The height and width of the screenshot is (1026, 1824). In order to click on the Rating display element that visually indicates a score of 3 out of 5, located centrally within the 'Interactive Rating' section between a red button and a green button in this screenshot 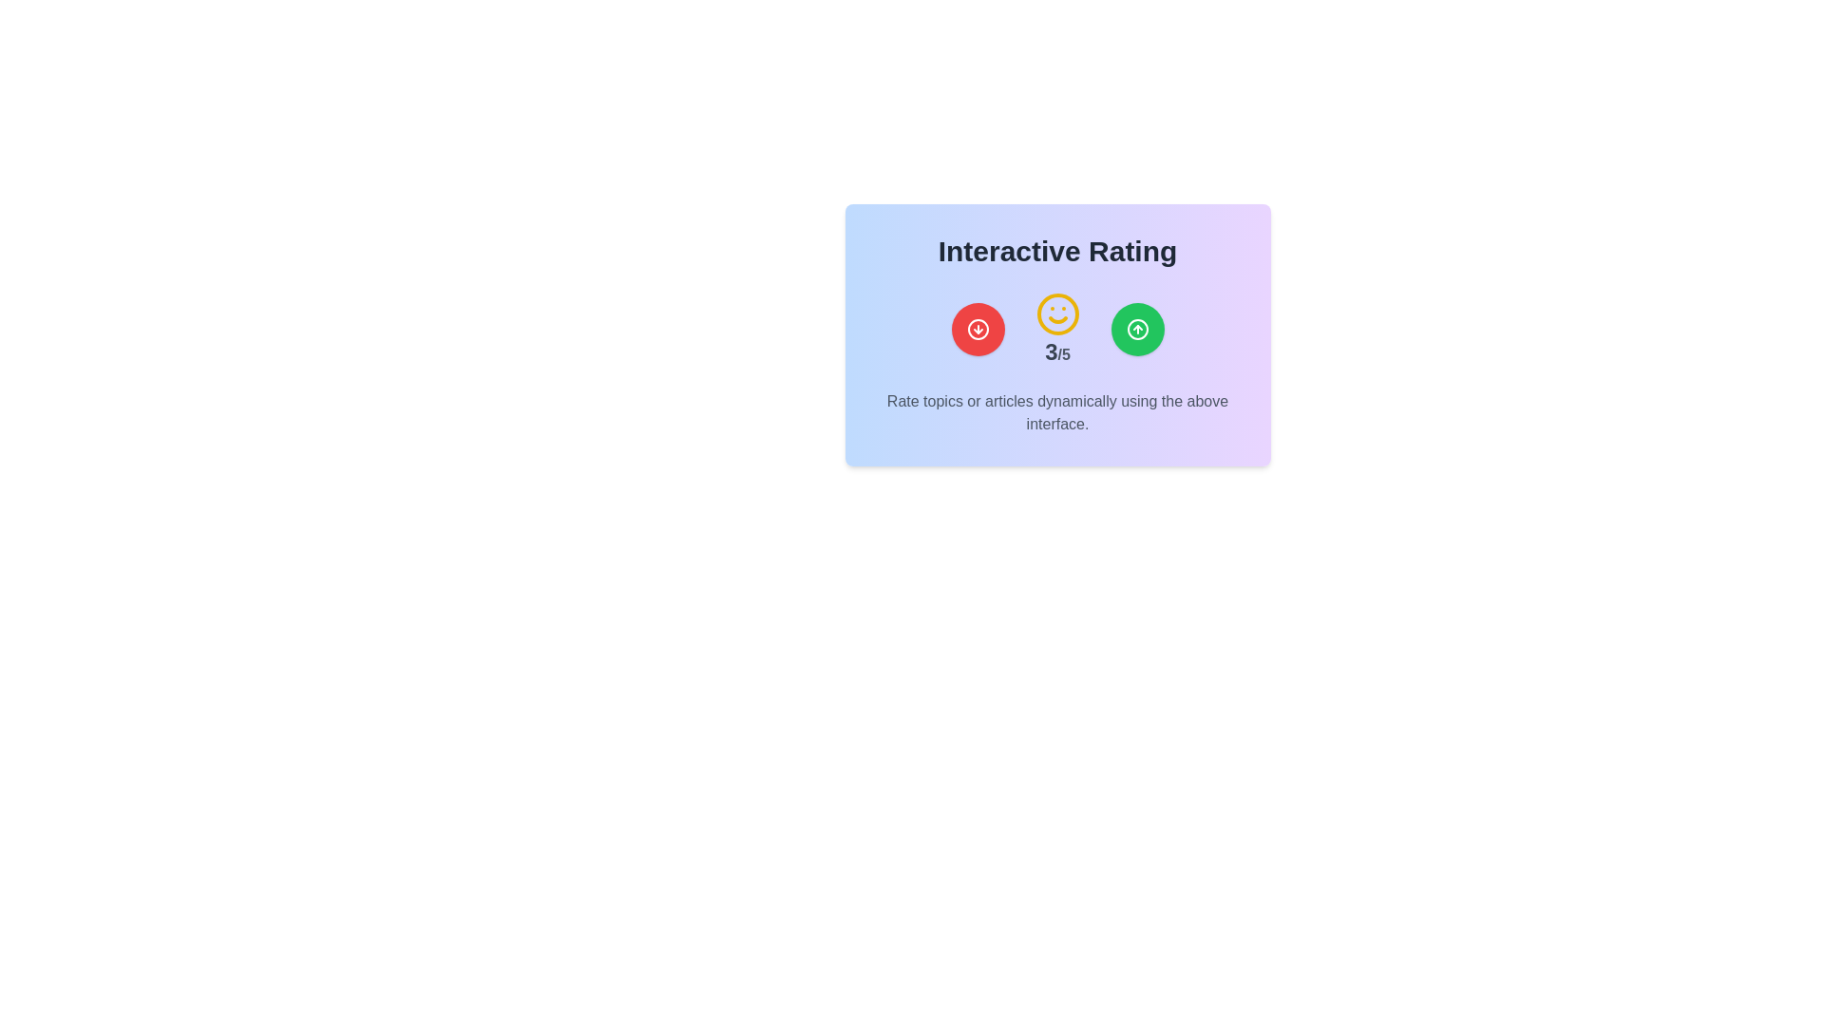, I will do `click(1056, 329)`.